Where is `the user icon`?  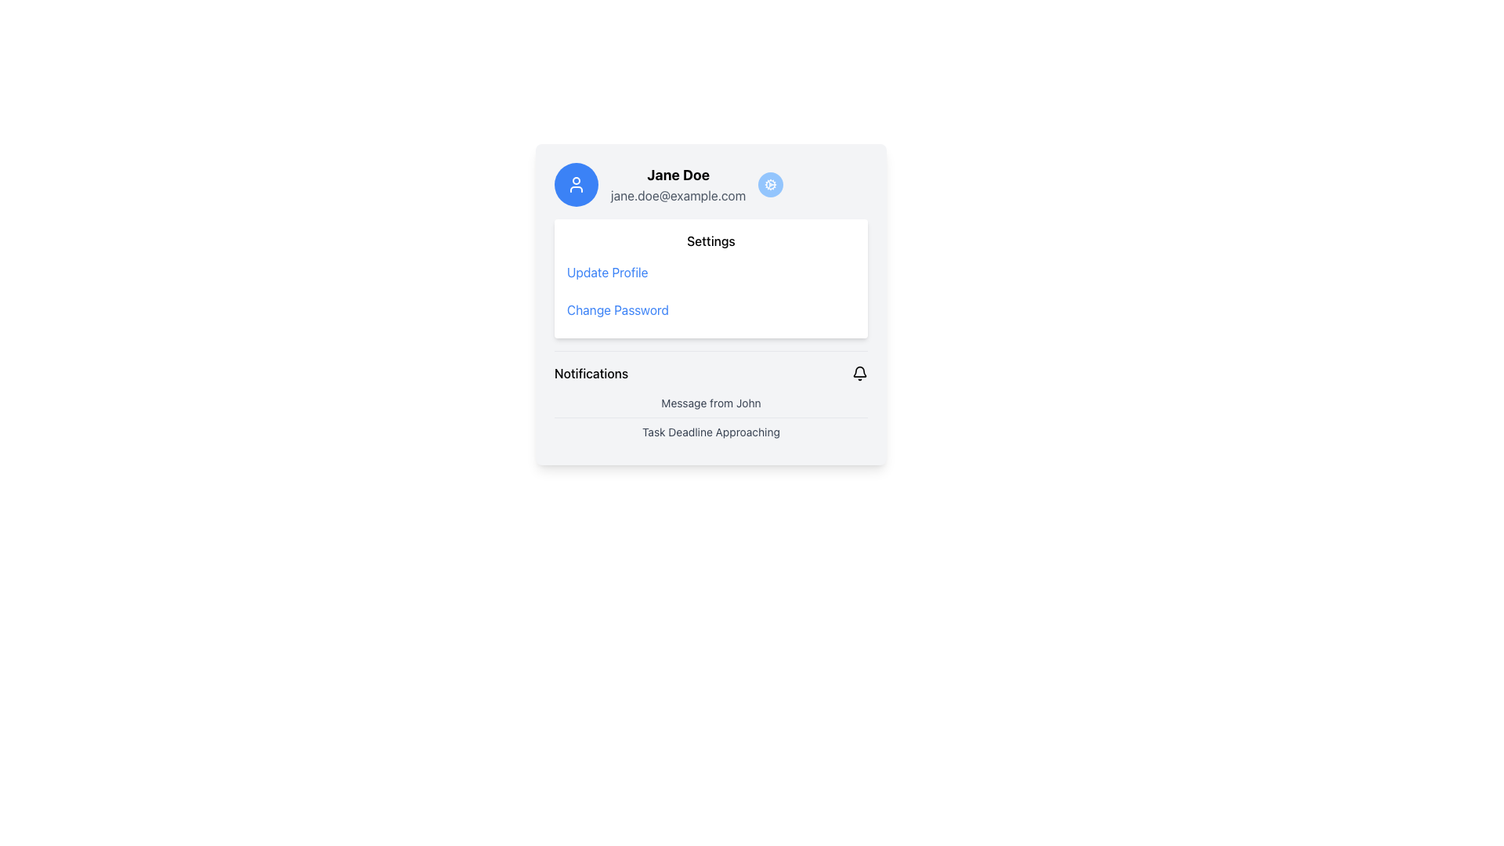 the user icon is located at coordinates (575, 183).